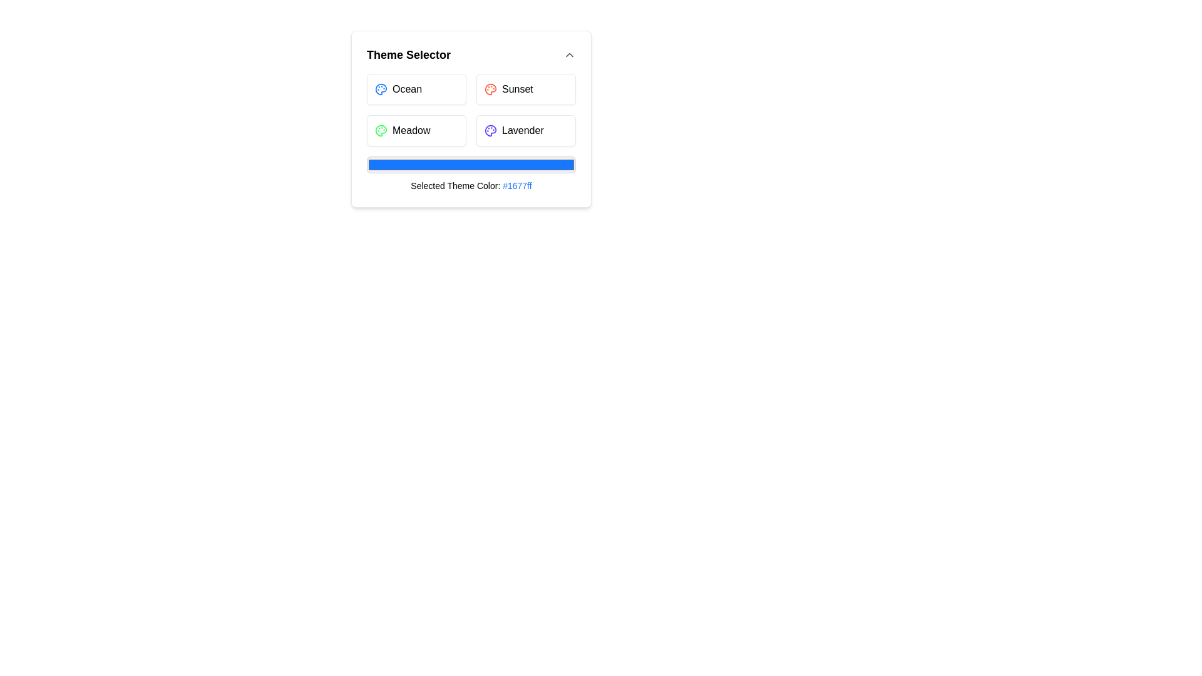 This screenshot has width=1202, height=676. I want to click on the 'Ocean' button that contains the Decorative Icon resembling a paint palette with a blue outline and colored dots, located in the top-left corner of the Theme Selector component, so click(381, 88).